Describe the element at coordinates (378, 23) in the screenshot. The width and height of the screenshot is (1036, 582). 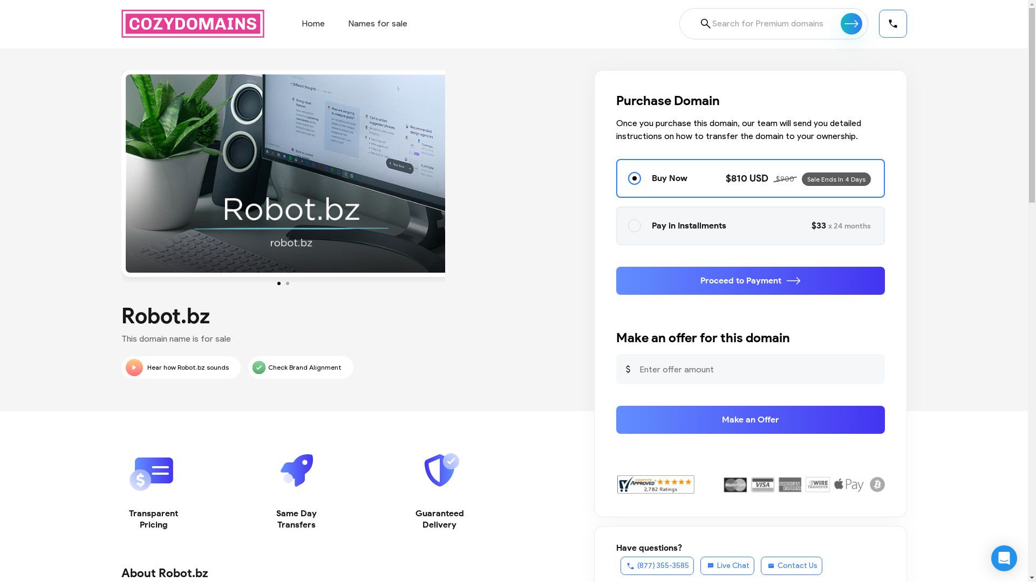
I see `'Names for sale'` at that location.